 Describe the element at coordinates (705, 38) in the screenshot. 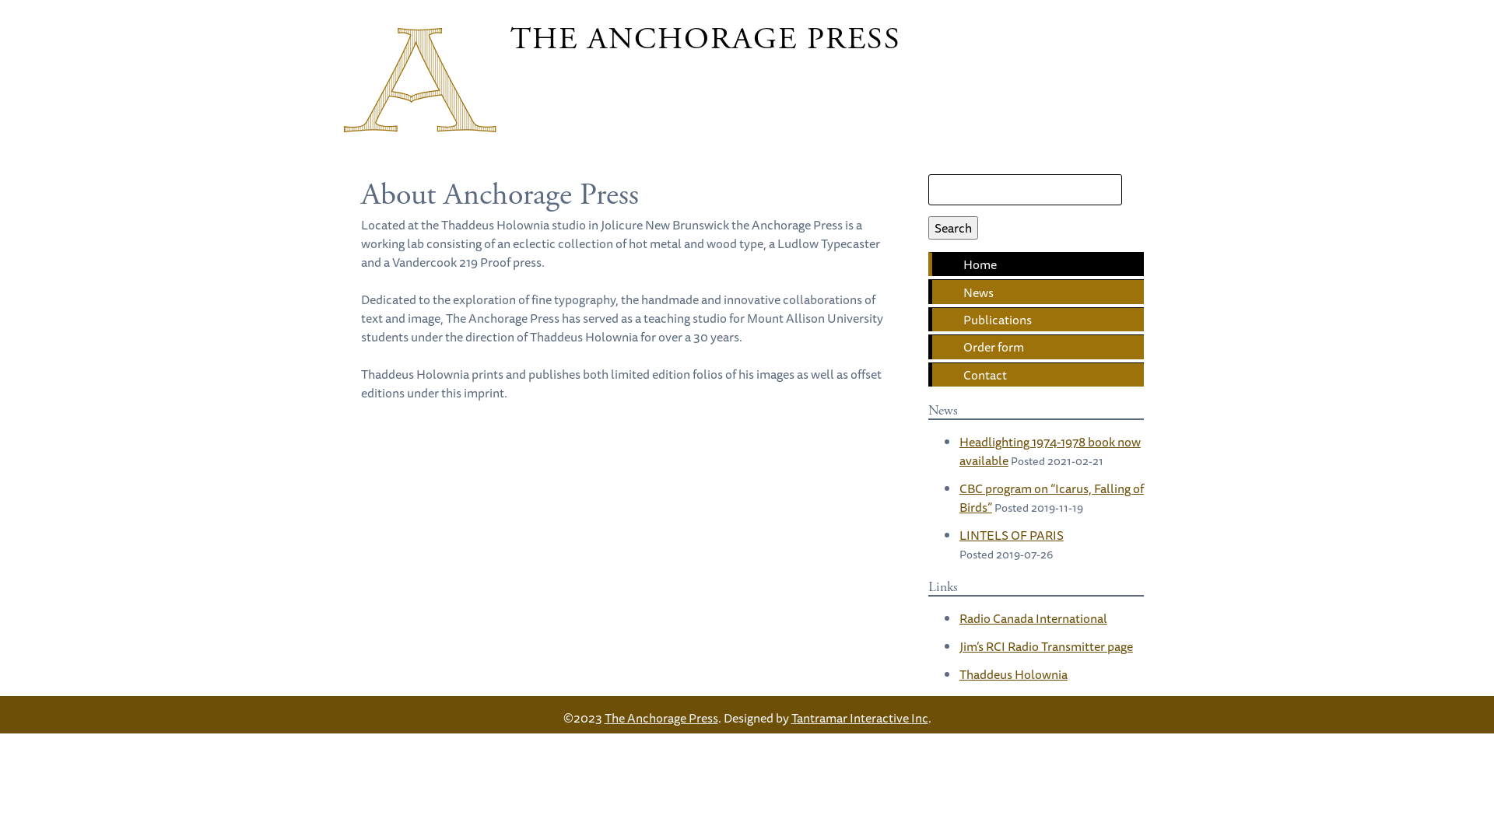

I see `'THE ANCHORAGE PRESS'` at that location.